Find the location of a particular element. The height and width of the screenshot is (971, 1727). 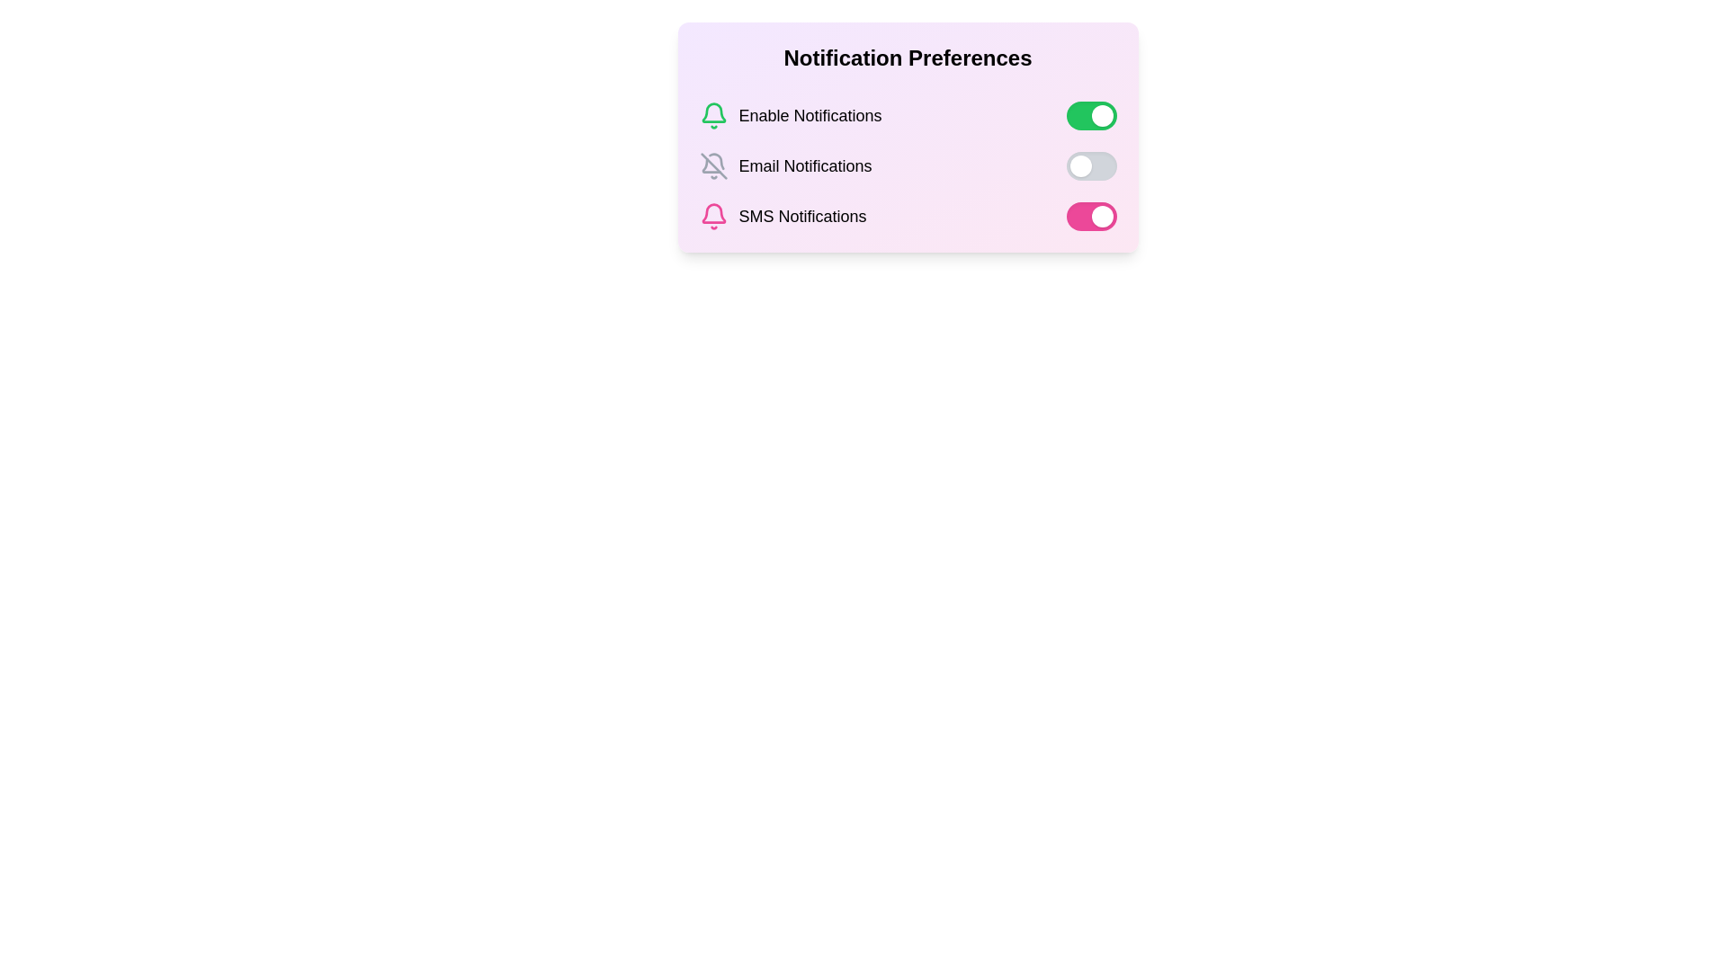

the circular knob on the rightmost end of the toggle switch in the 'SMS Notifications' row is located at coordinates (1101, 215).